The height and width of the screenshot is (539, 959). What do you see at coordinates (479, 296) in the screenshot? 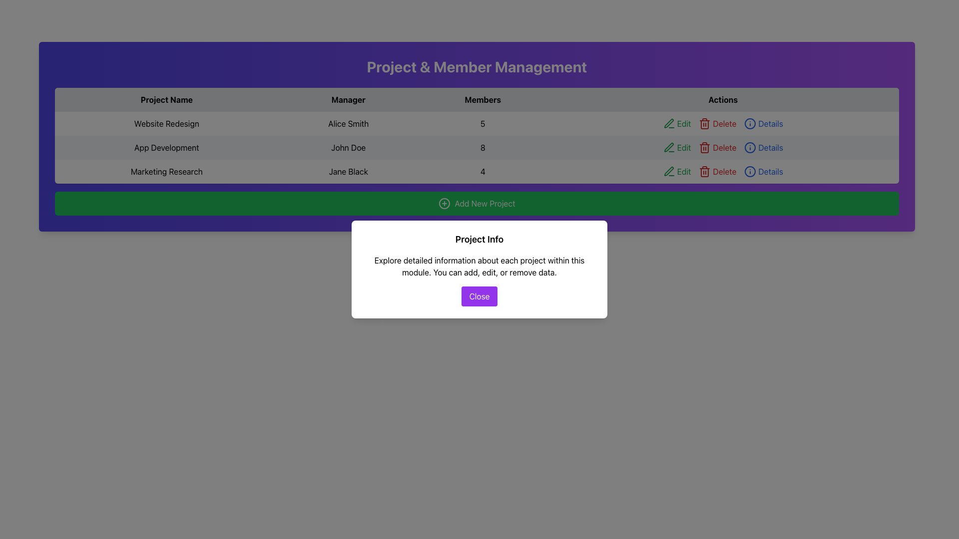
I see `the 'Close' button, which is a purple rectangular button with rounded corners containing white text, located at the bottom center of the modal dialog` at bounding box center [479, 296].